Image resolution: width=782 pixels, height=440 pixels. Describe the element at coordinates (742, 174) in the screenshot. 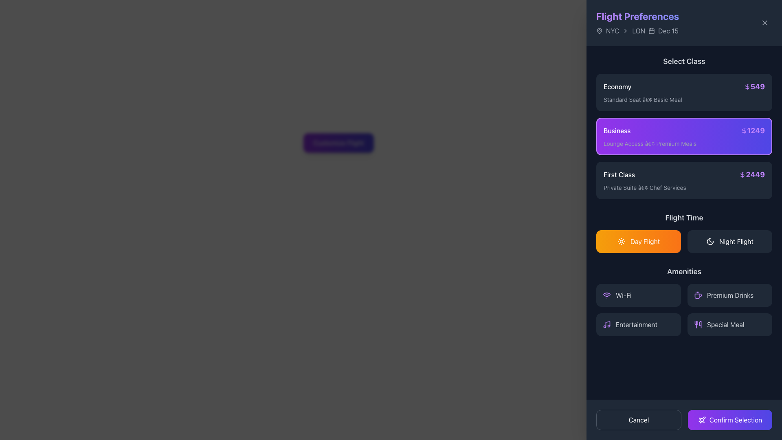

I see `the monetary value icon located in the 'First Class' pricing section at the bottom-right of the interface` at that location.